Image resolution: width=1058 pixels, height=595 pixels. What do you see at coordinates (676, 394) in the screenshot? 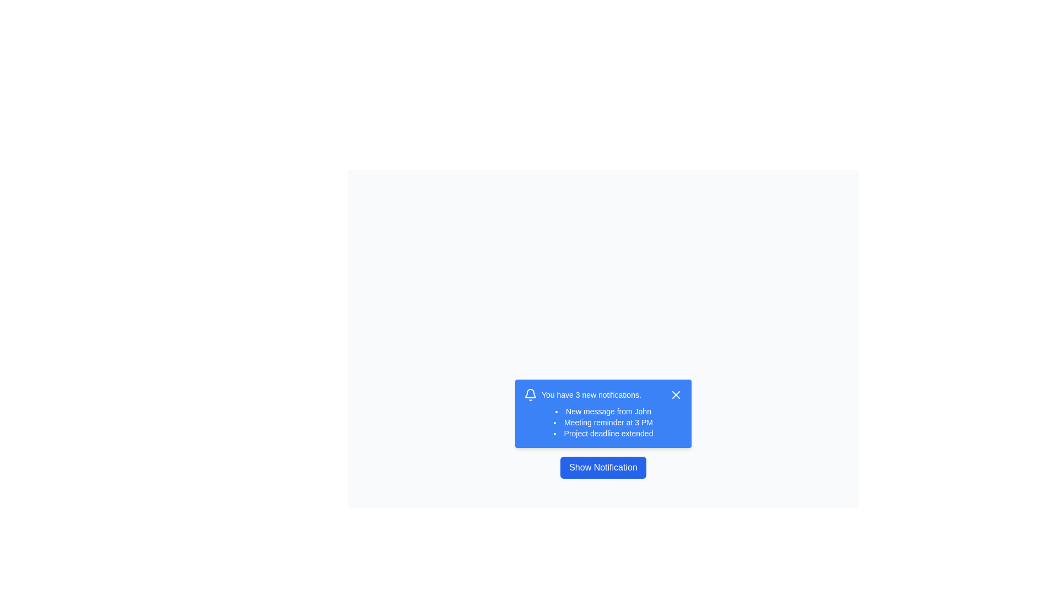
I see `the close button represented by an 'X' icon in the notification panel located to the right of the text 'You have 3 new notifications.'` at bounding box center [676, 394].